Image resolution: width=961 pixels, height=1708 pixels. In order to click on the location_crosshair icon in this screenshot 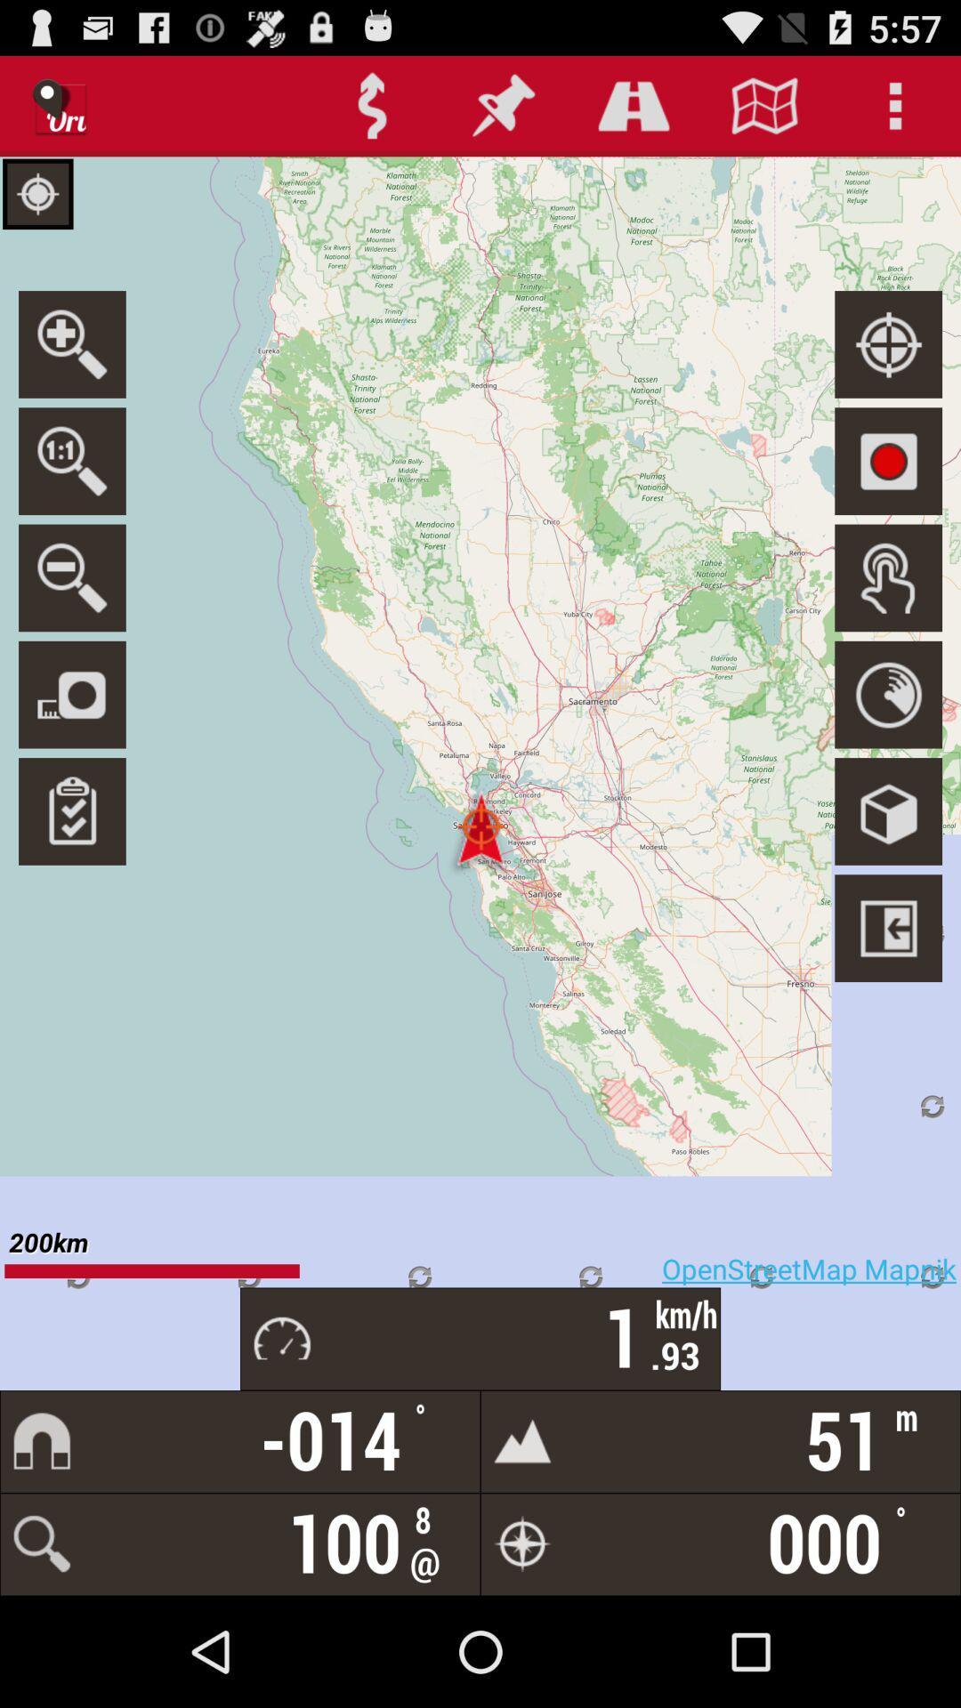, I will do `click(888, 367)`.